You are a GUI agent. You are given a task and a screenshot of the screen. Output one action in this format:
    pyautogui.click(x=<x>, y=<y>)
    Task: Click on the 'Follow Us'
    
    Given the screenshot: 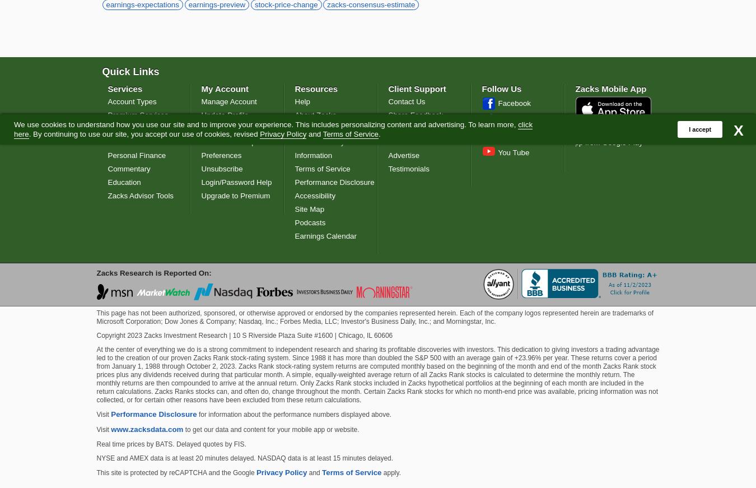 What is the action you would take?
    pyautogui.click(x=481, y=88)
    